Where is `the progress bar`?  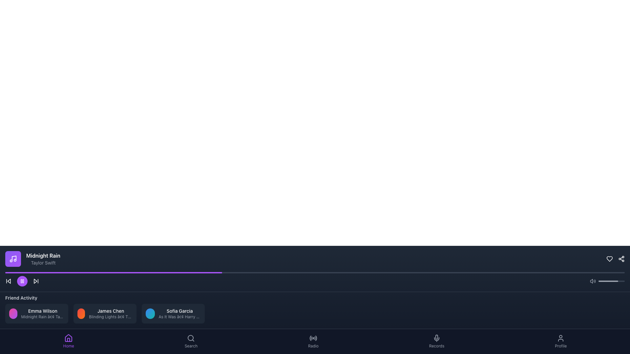 the progress bar is located at coordinates (370, 273).